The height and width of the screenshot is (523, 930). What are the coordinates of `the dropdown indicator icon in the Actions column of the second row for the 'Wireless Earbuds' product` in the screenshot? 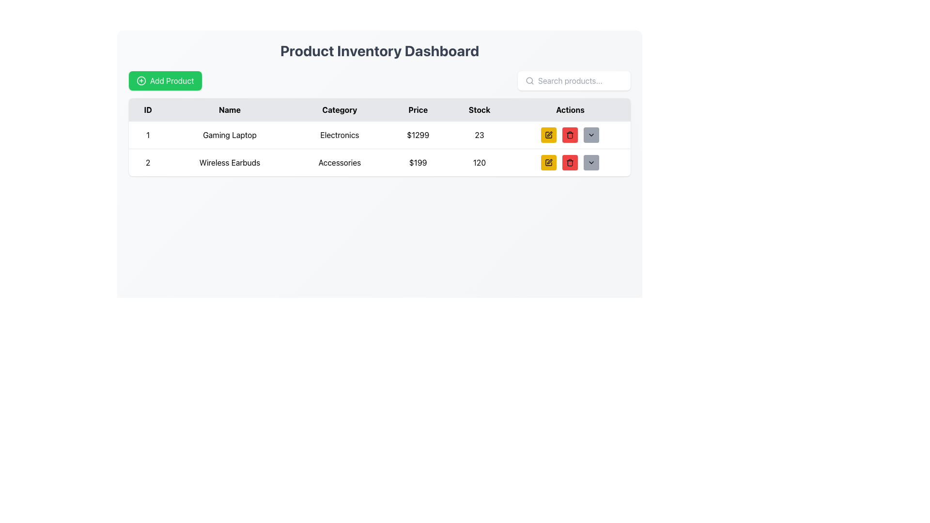 It's located at (591, 162).